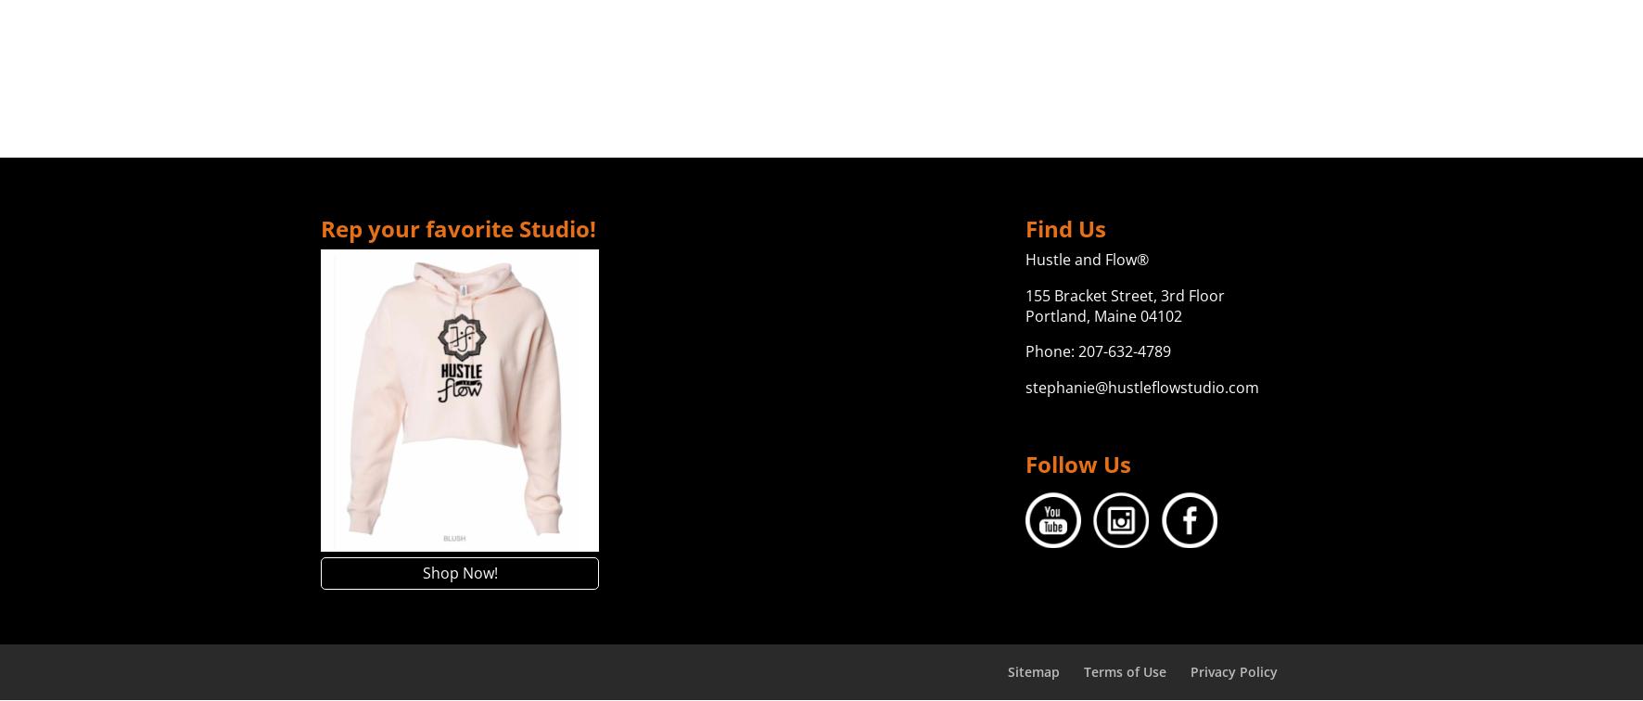 This screenshot has width=1643, height=701. What do you see at coordinates (457, 228) in the screenshot?
I see `'Rep your favorite Studio!'` at bounding box center [457, 228].